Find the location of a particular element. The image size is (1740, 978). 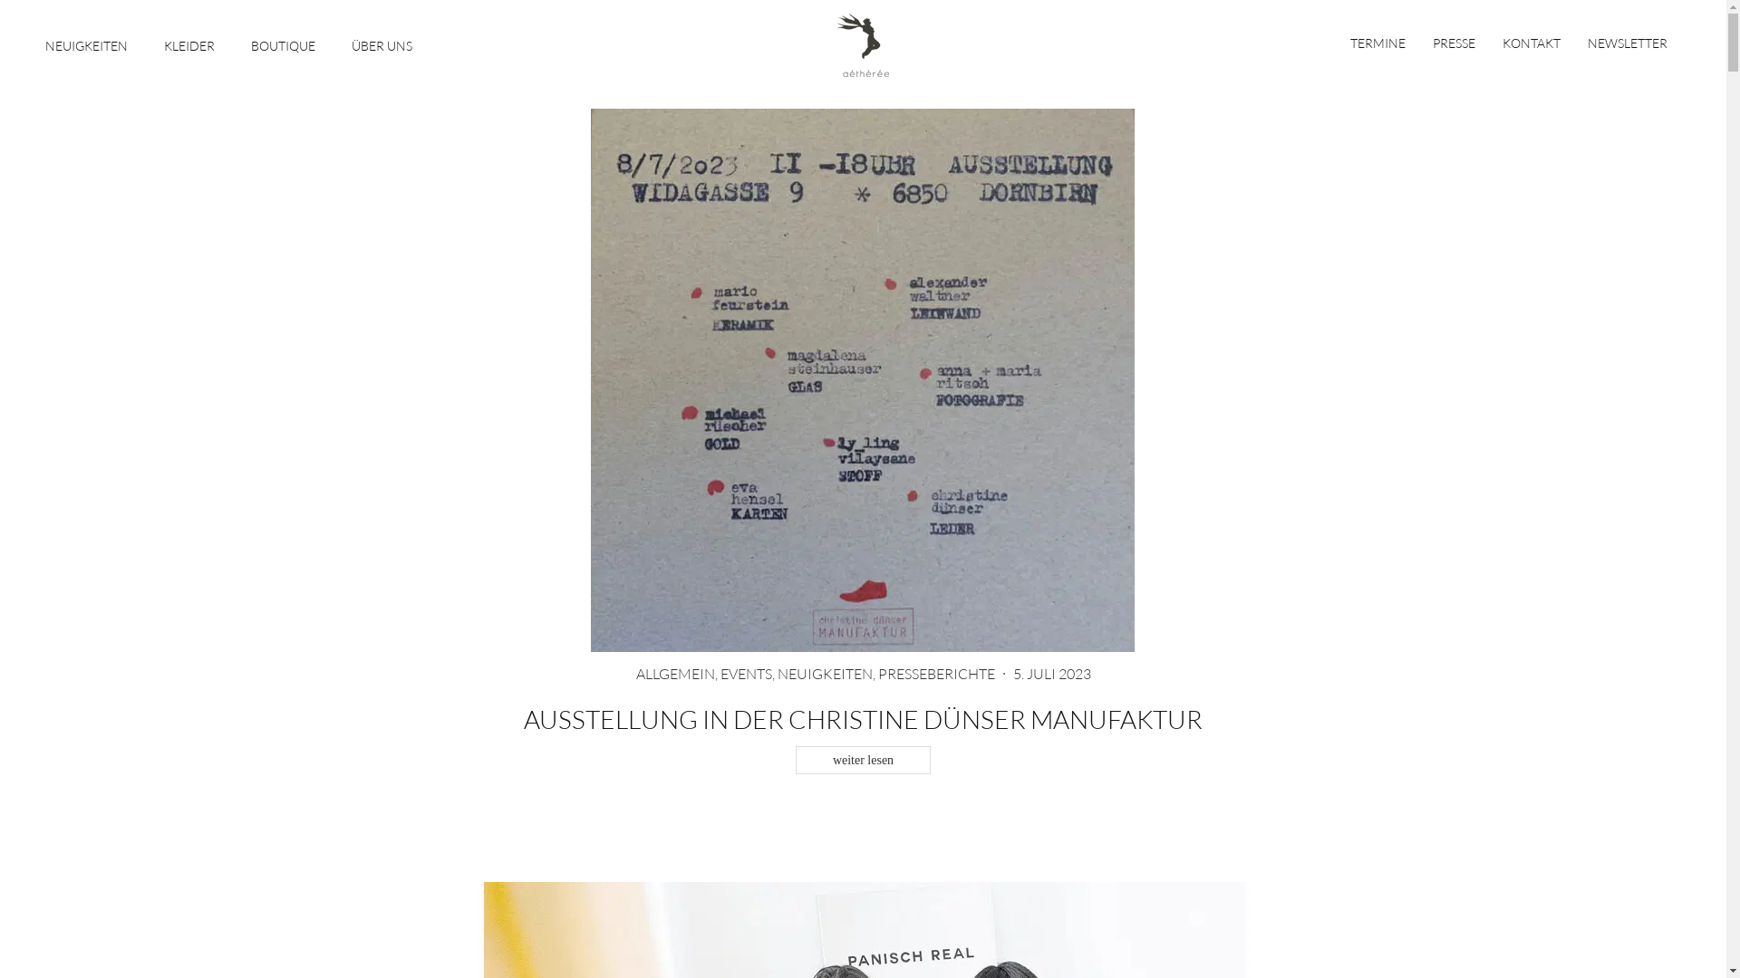

'EVENTS' is located at coordinates (745, 674).